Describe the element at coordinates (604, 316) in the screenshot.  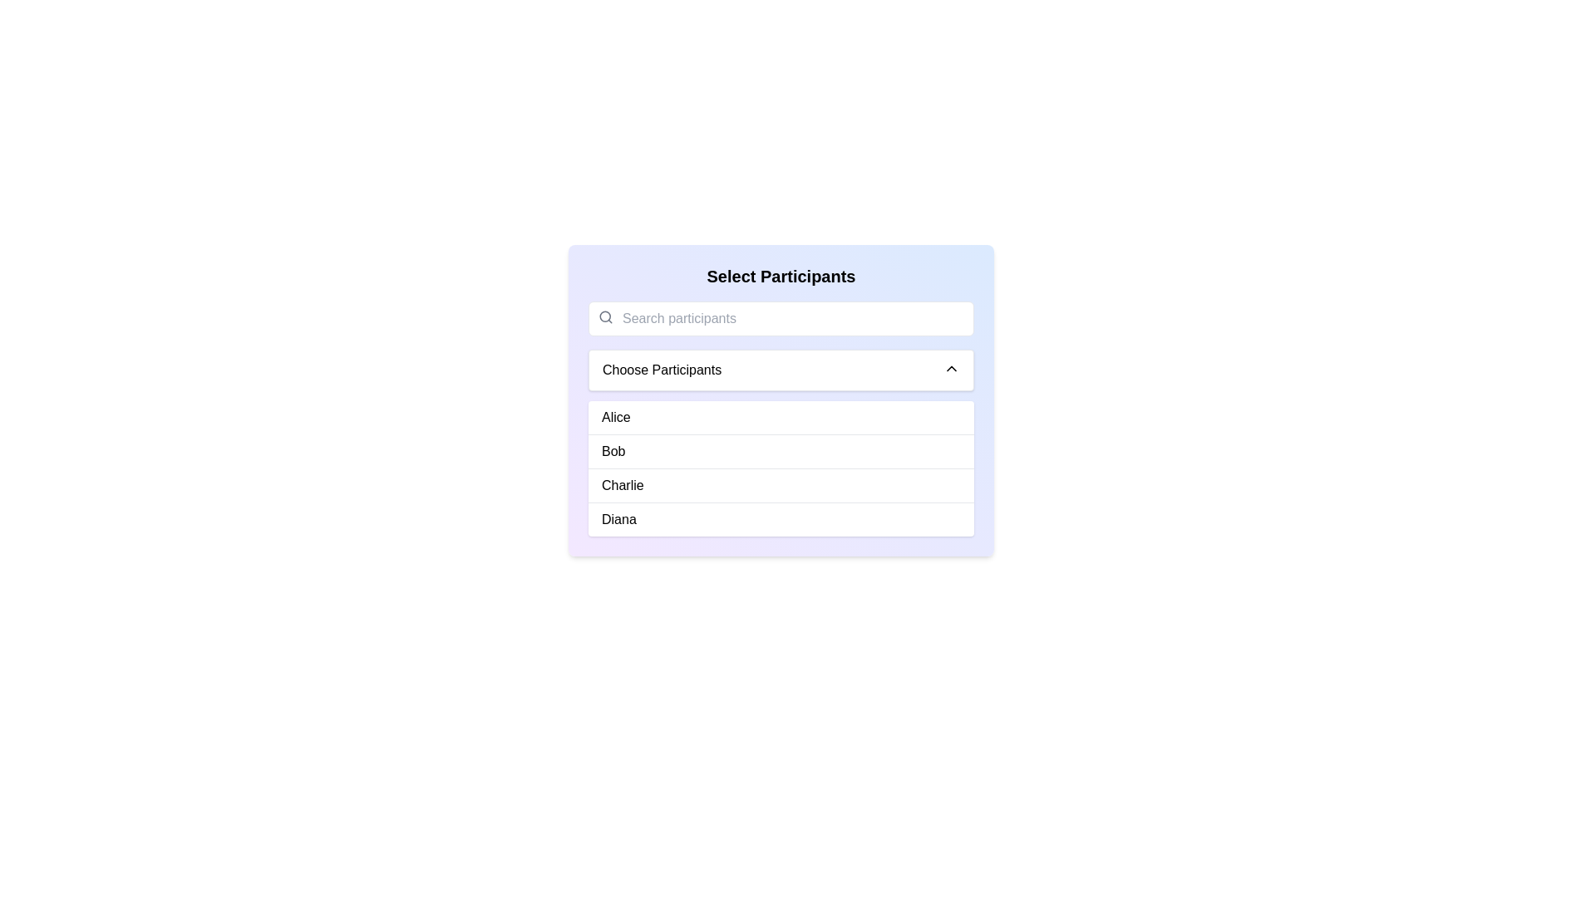
I see `the SVG circle element that represents a part of the magnifying glass icon for search, located in the toolbar area above the participant selection input field` at that location.